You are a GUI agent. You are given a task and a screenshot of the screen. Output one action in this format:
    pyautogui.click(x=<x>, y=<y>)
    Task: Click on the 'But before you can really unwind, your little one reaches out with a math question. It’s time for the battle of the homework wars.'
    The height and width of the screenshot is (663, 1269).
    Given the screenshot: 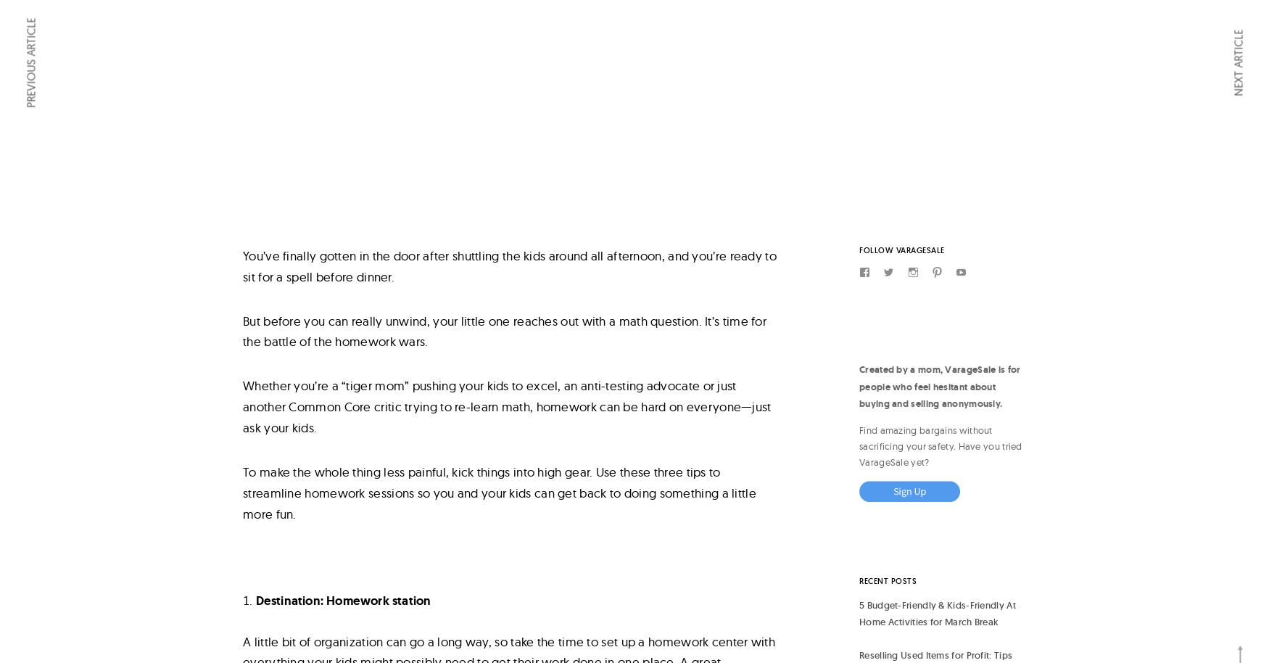 What is the action you would take?
    pyautogui.click(x=242, y=329)
    